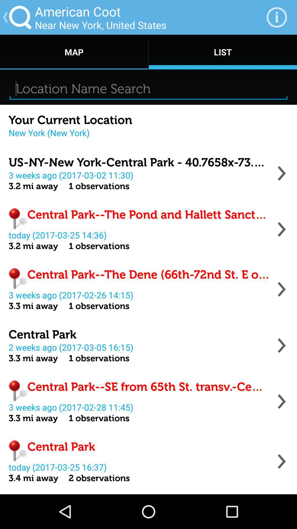 The image size is (297, 529). Describe the element at coordinates (282, 289) in the screenshot. I see `location` at that location.